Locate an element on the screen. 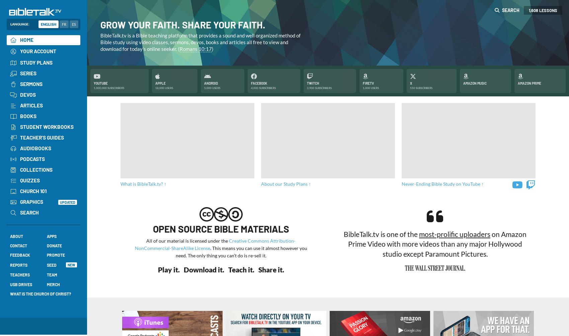  'Teachers' is located at coordinates (20, 274).